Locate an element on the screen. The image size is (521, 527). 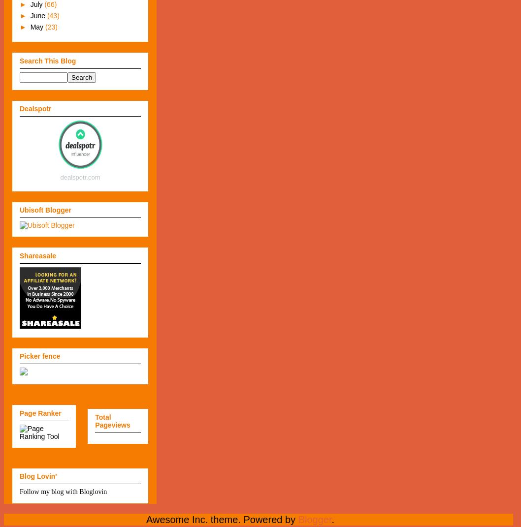
'.' is located at coordinates (330, 520).